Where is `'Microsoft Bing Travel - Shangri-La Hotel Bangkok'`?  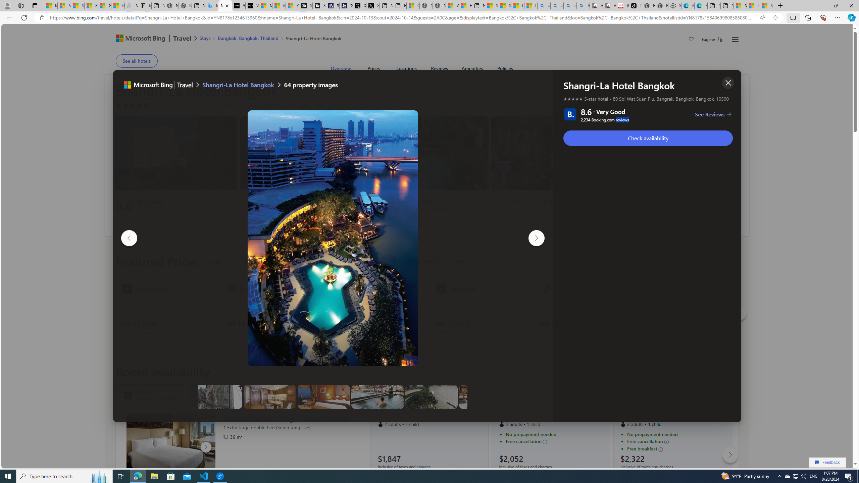 'Microsoft Bing Travel - Shangri-La Hotel Bangkok' is located at coordinates (224, 5).